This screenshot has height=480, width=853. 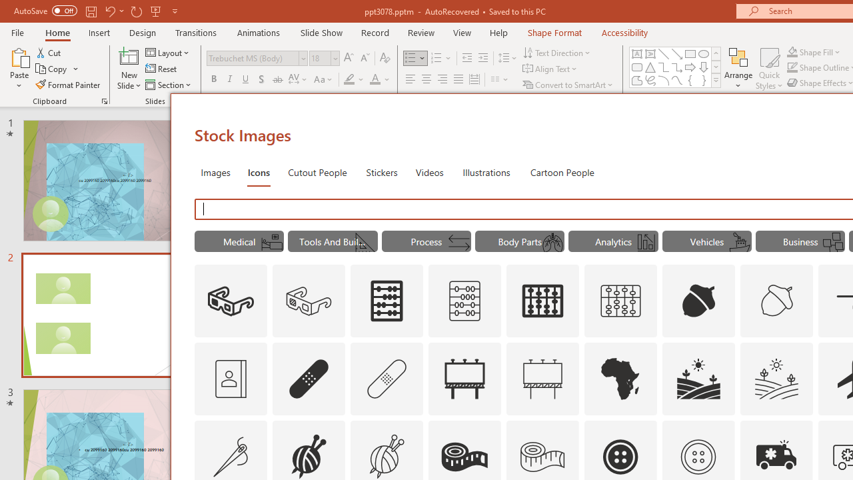 What do you see at coordinates (215, 171) in the screenshot?
I see `'Images'` at bounding box center [215, 171].